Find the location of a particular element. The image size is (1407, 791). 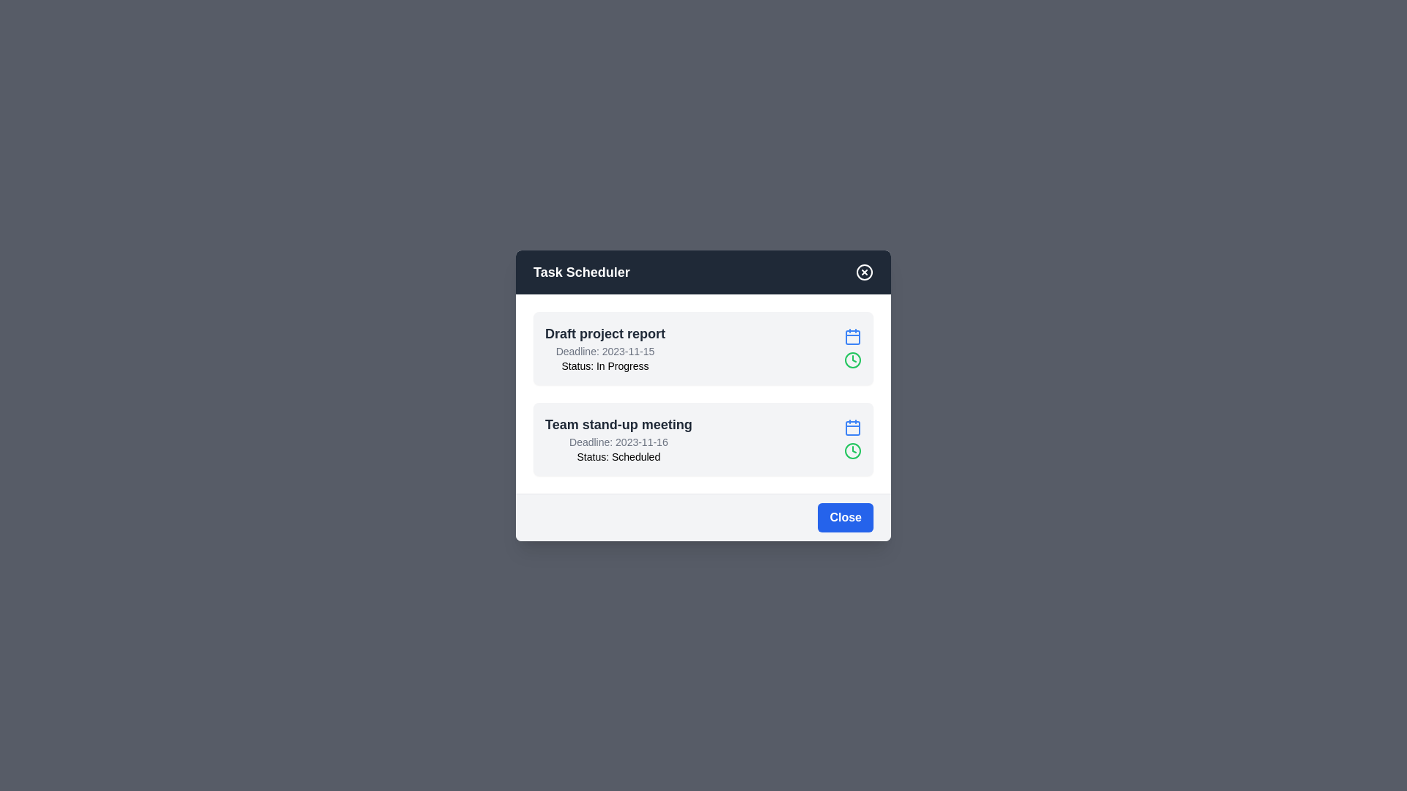

the close button in the header of the Task Scheduler dialog is located at coordinates (865, 272).